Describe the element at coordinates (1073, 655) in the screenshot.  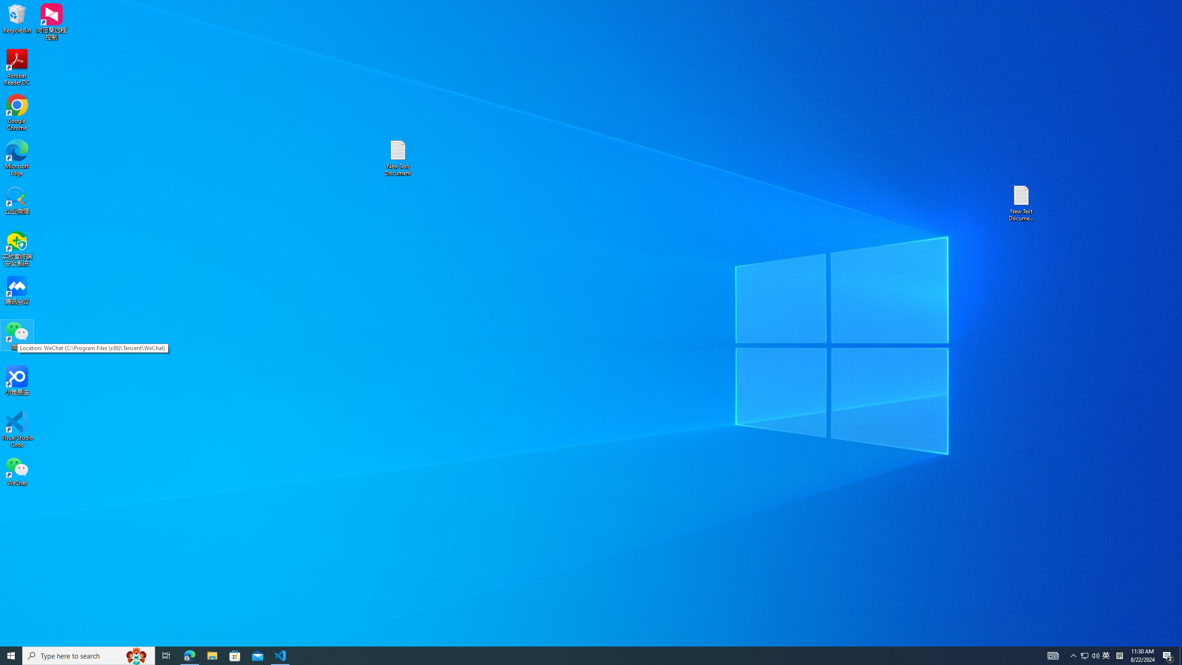
I see `'Notification Chevron'` at that location.